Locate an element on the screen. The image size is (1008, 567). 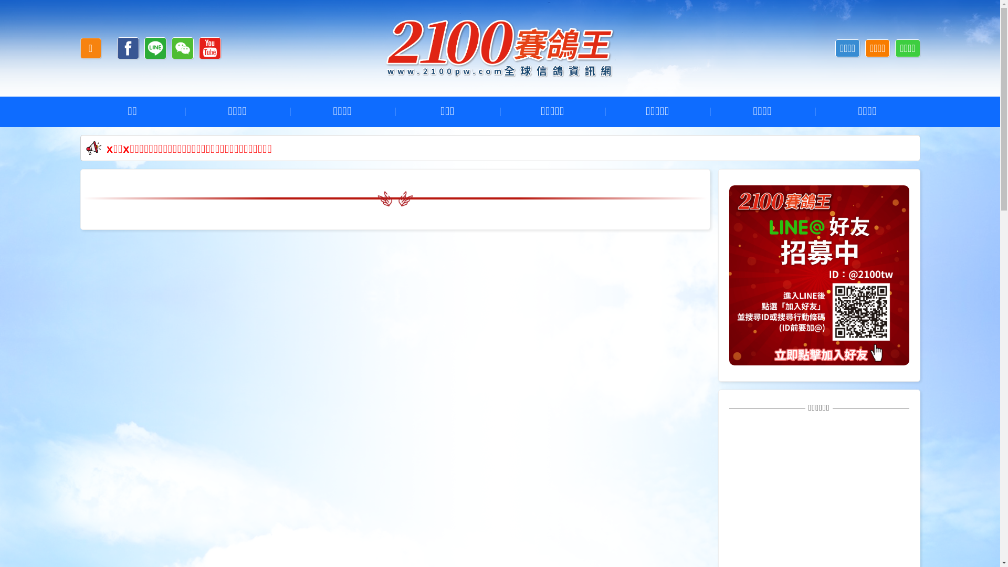
'Youtube' is located at coordinates (209, 48).